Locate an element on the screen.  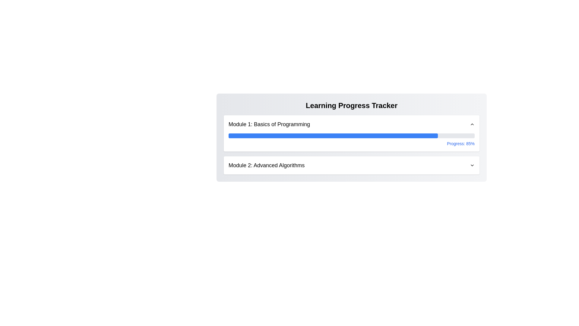
the 'Module 2: Advanced Algorithms' dropdown toggle is located at coordinates (352, 165).